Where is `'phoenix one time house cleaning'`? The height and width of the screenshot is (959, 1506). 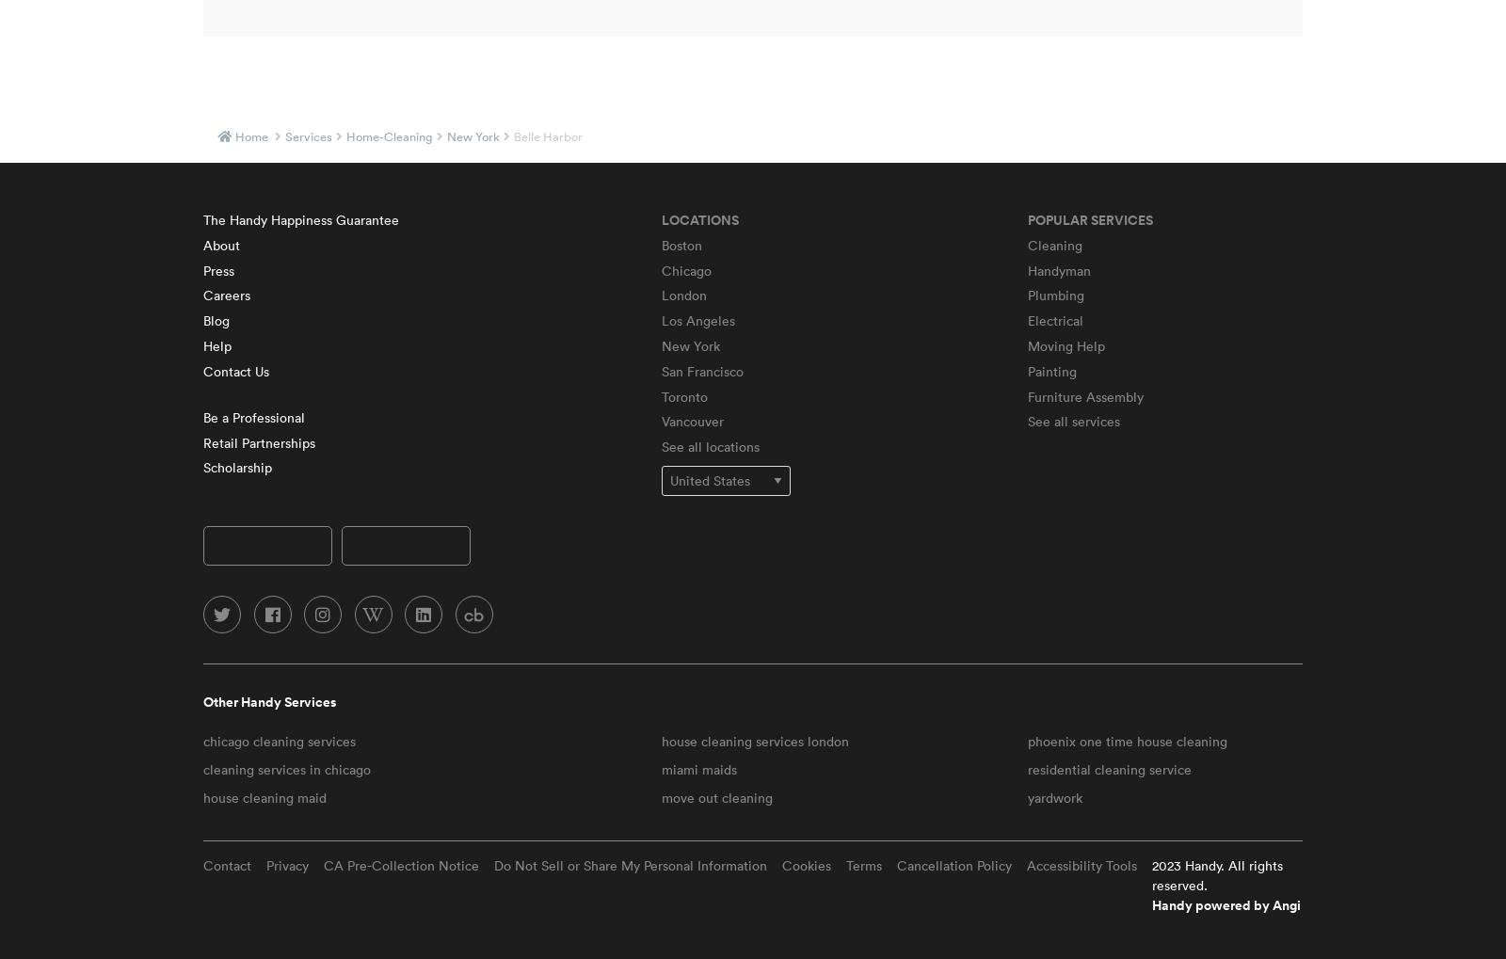
'phoenix one time house cleaning' is located at coordinates (1126, 740).